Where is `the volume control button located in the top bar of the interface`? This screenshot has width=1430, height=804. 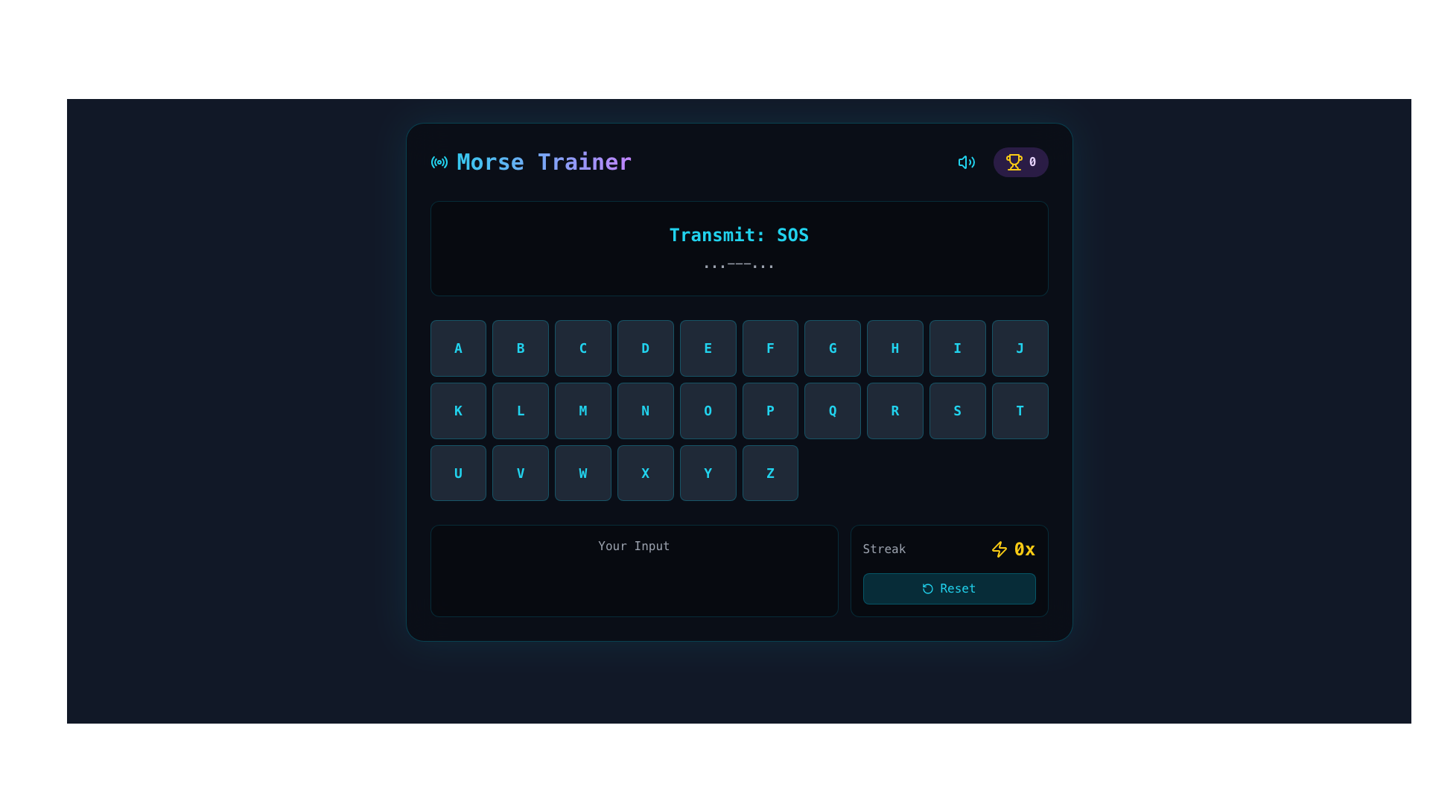
the volume control button located in the top bar of the interface is located at coordinates (966, 162).